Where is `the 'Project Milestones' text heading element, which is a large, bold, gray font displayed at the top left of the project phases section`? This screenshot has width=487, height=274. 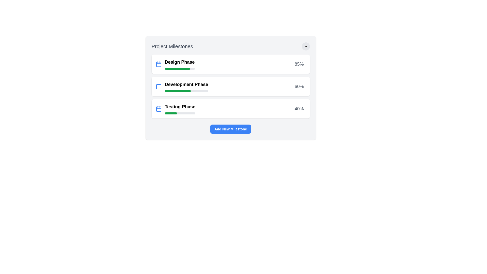
the 'Project Milestones' text heading element, which is a large, bold, gray font displayed at the top left of the project phases section is located at coordinates (172, 46).